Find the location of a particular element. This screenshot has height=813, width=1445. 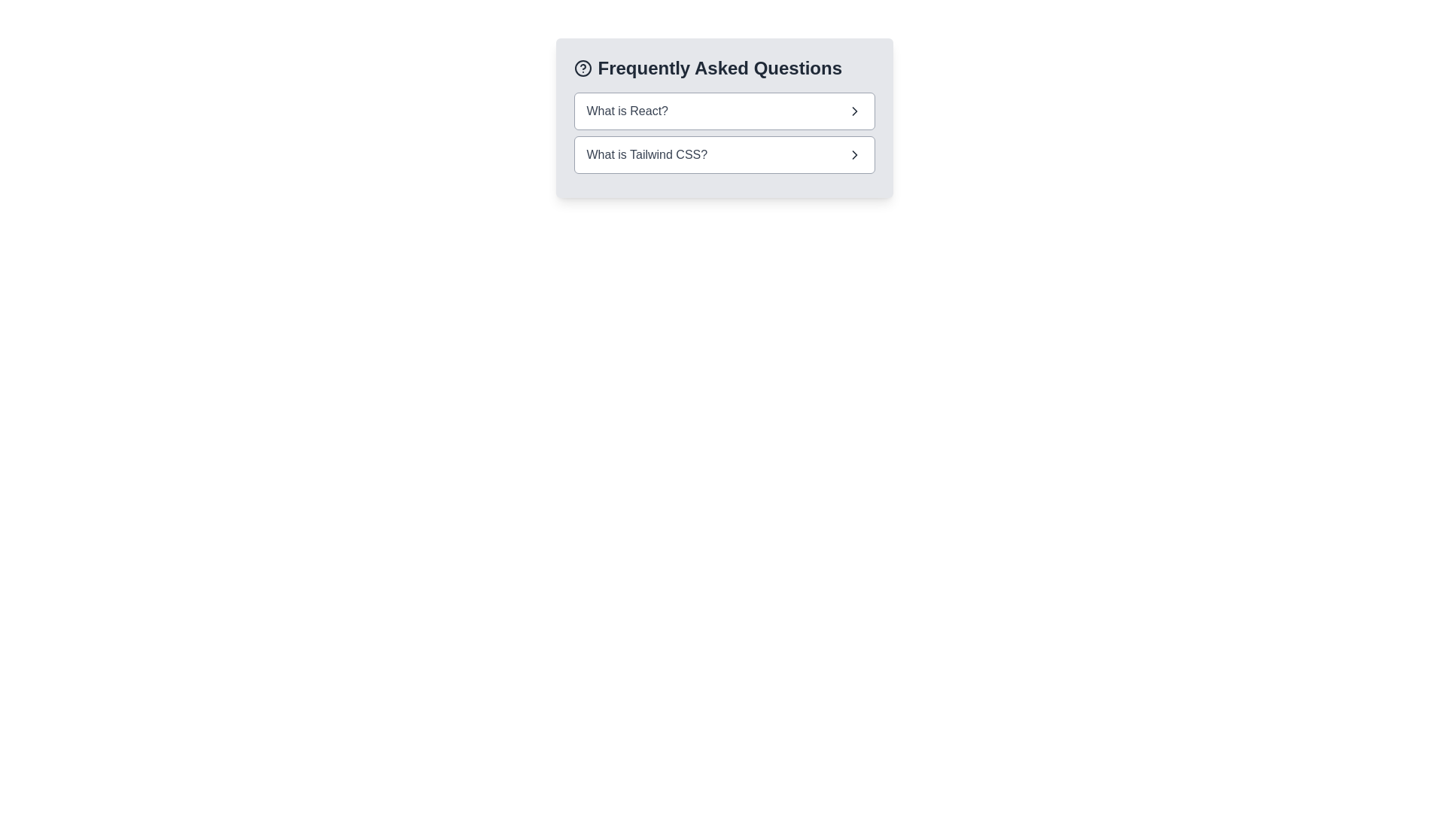

the Interactive Card for the question 'What is React?' located is located at coordinates (724, 110).